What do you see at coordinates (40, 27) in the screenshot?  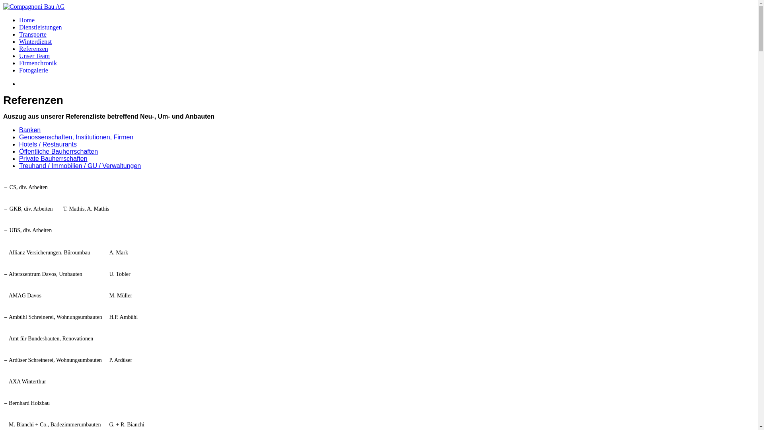 I see `'Dienstleistungen'` at bounding box center [40, 27].